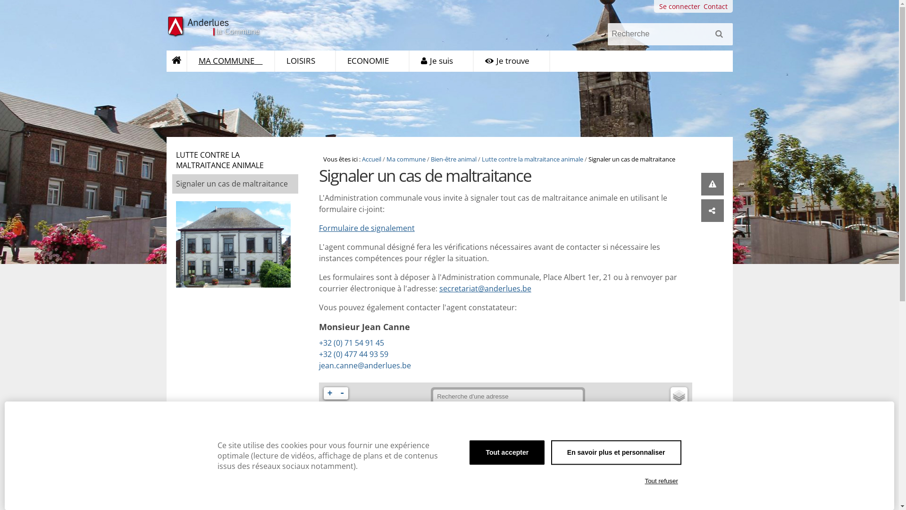 The image size is (906, 510). Describe the element at coordinates (305, 61) in the screenshot. I see `'LOISIRS'` at that location.